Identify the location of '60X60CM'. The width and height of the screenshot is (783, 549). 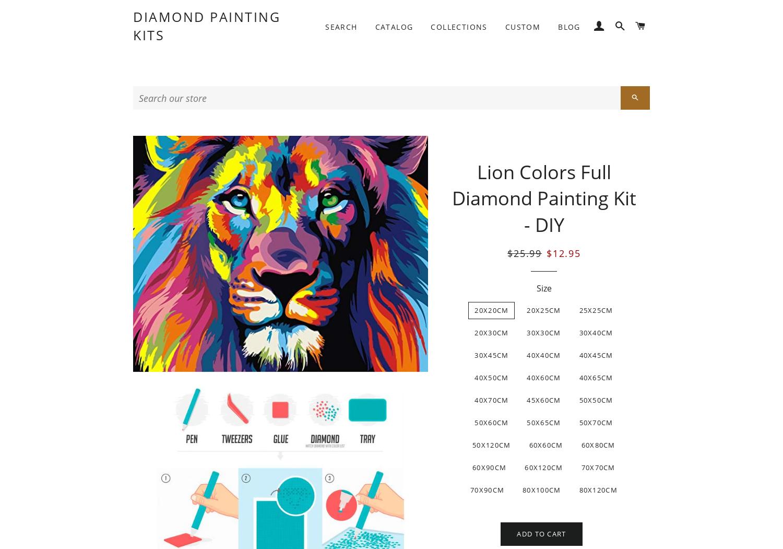
(528, 445).